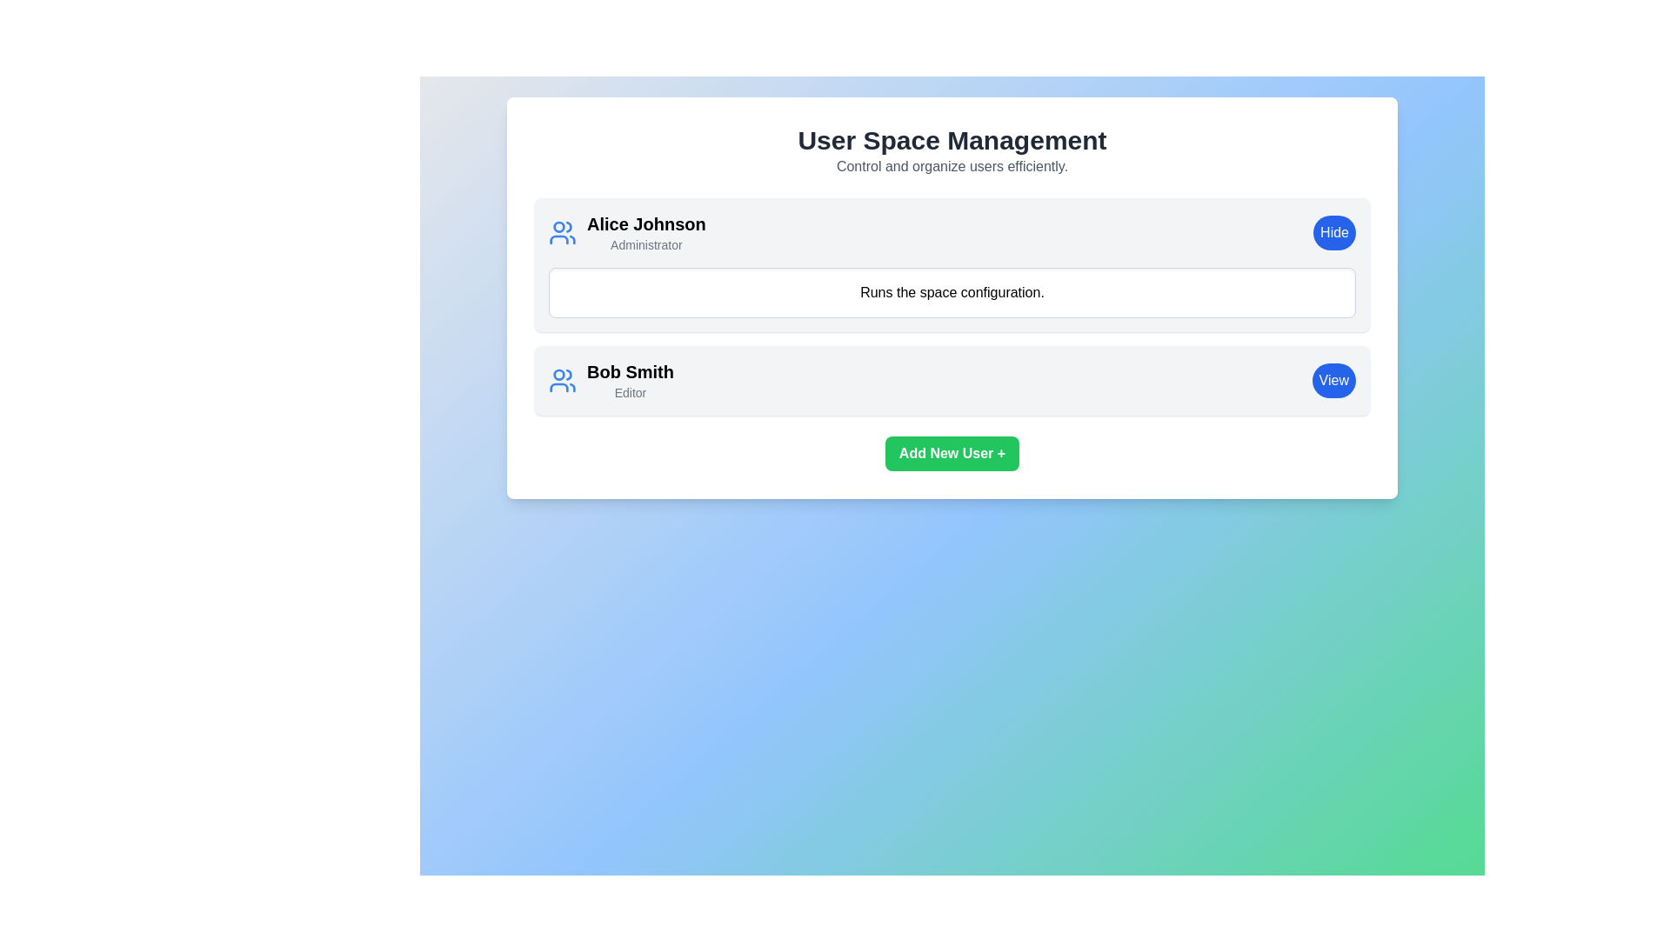 Image resolution: width=1670 pixels, height=939 pixels. What do you see at coordinates (645, 223) in the screenshot?
I see `information displayed in the user name text label located at the top-left section of the 'User Space Management' panel` at bounding box center [645, 223].